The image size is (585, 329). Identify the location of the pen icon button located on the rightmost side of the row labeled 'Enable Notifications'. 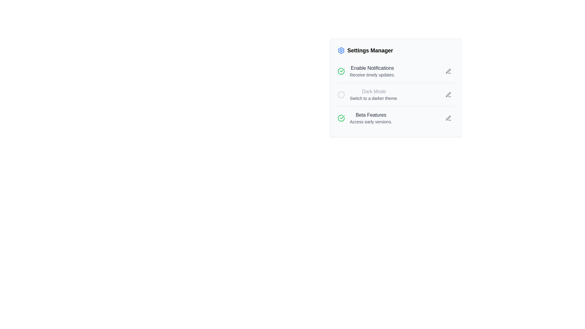
(448, 118).